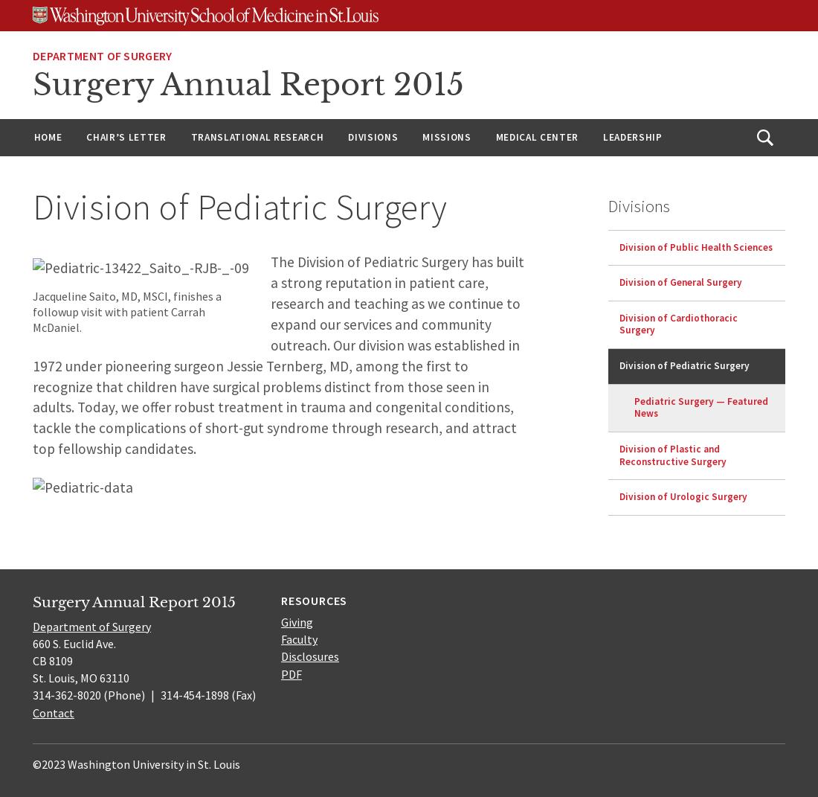 Image resolution: width=818 pixels, height=797 pixels. Describe the element at coordinates (536, 136) in the screenshot. I see `'Medical Center'` at that location.